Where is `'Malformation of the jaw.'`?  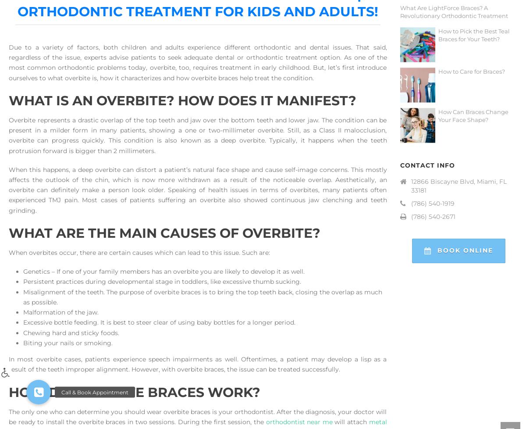
'Malformation of the jaw.' is located at coordinates (60, 312).